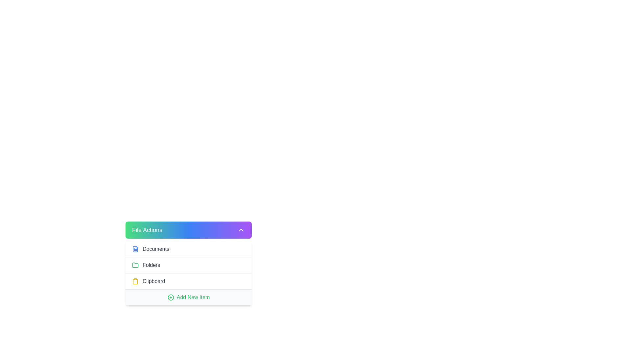 Image resolution: width=631 pixels, height=355 pixels. Describe the element at coordinates (171, 297) in the screenshot. I see `the circular SVG icon with a plus symbol, which is located to the left of the green 'Add New Item' text` at that location.